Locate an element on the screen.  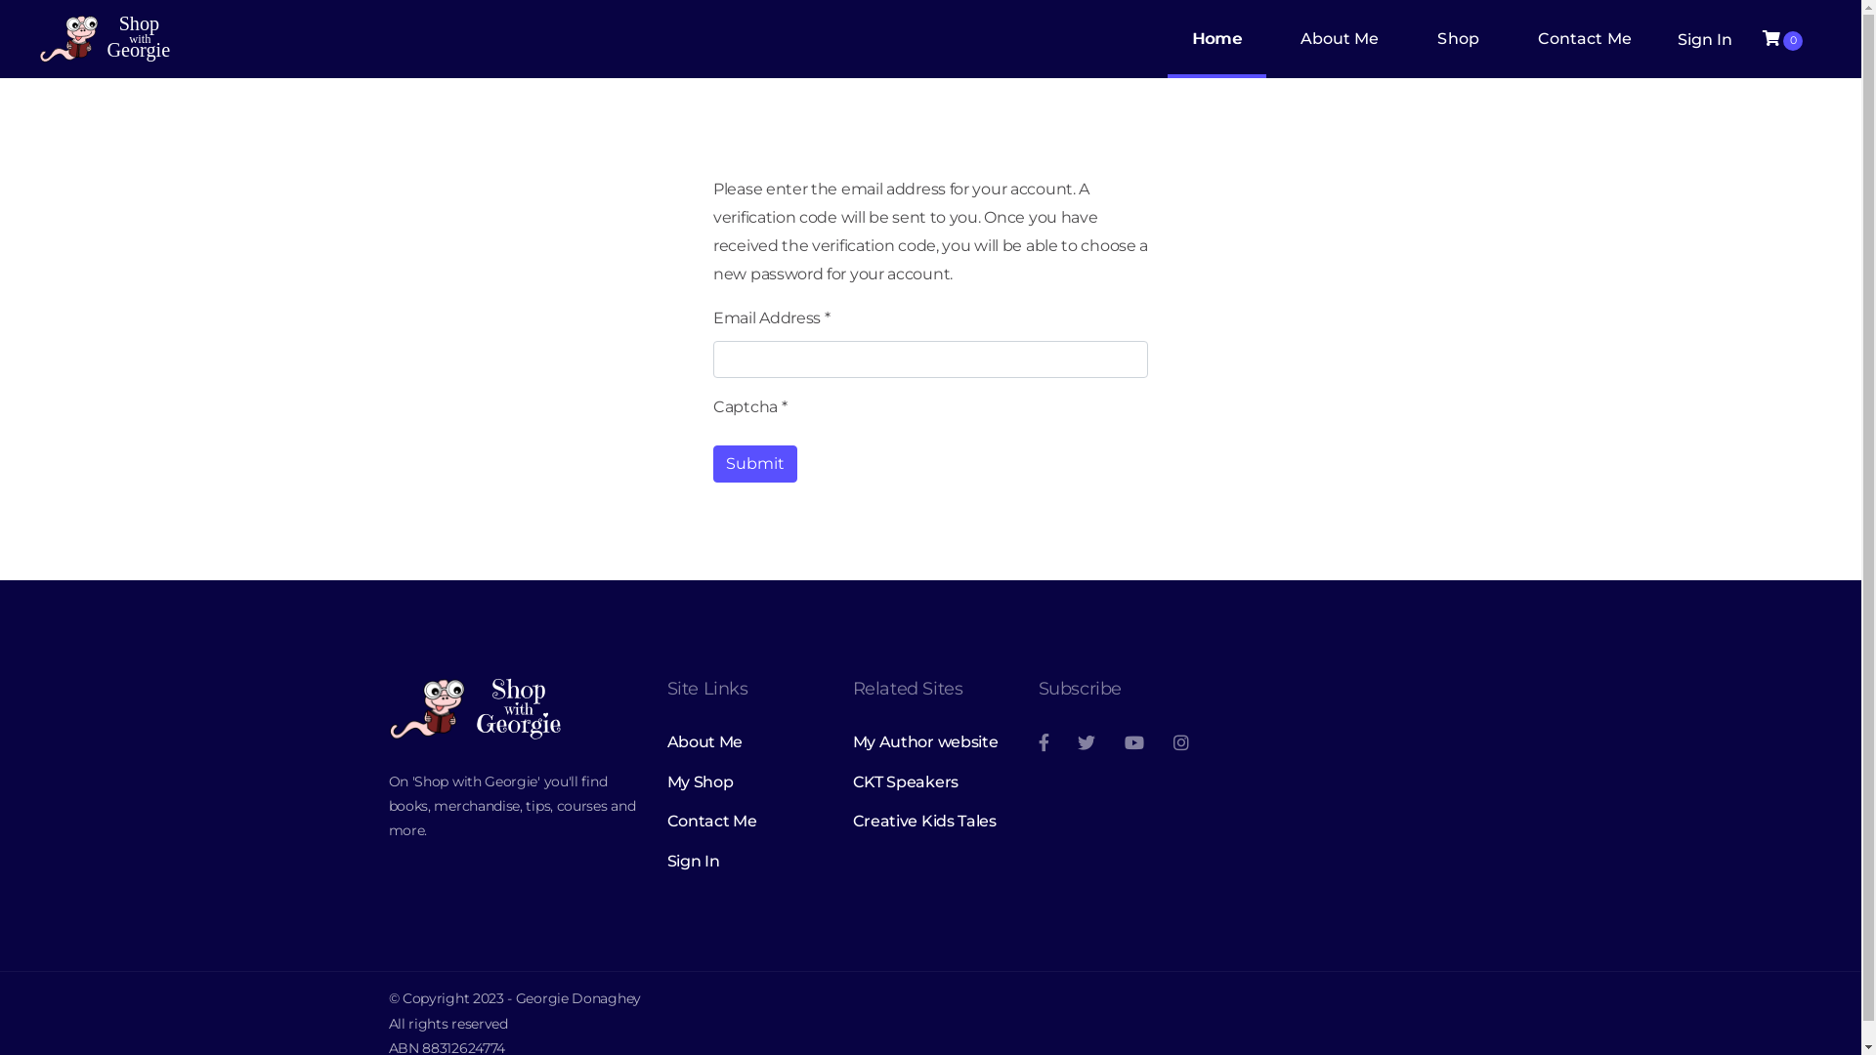
'About Me' is located at coordinates (744, 741).